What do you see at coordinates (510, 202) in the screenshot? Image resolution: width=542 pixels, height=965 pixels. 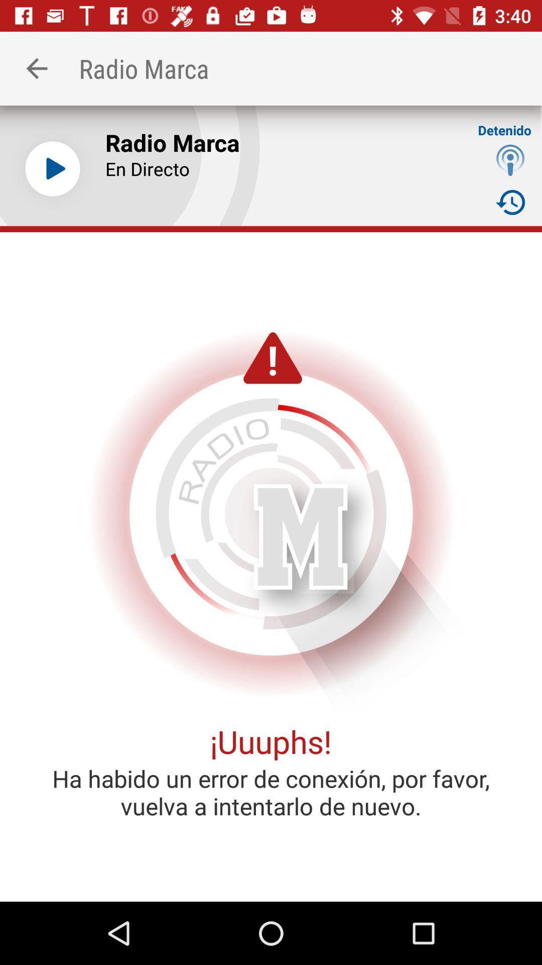 I see `the item next to the en directo` at bounding box center [510, 202].